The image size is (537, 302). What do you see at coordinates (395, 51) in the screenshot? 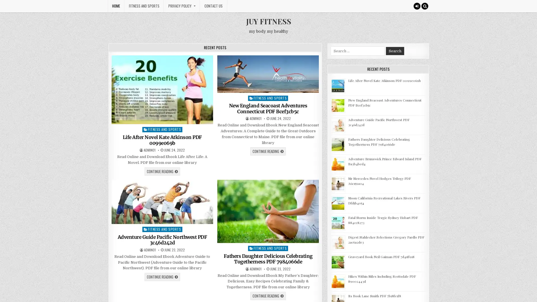
I see `Search` at bounding box center [395, 51].